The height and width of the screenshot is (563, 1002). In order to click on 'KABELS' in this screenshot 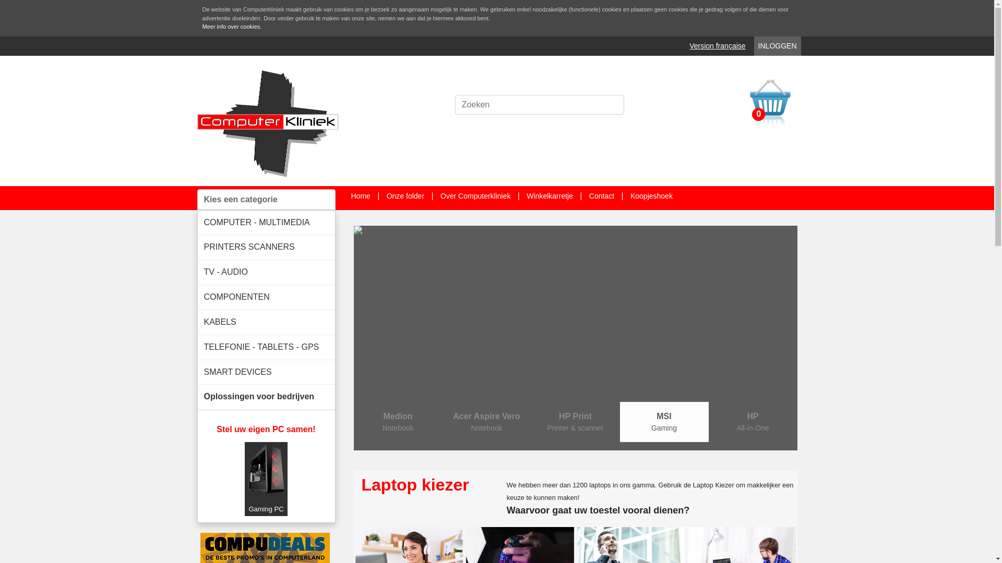, I will do `click(266, 322)`.